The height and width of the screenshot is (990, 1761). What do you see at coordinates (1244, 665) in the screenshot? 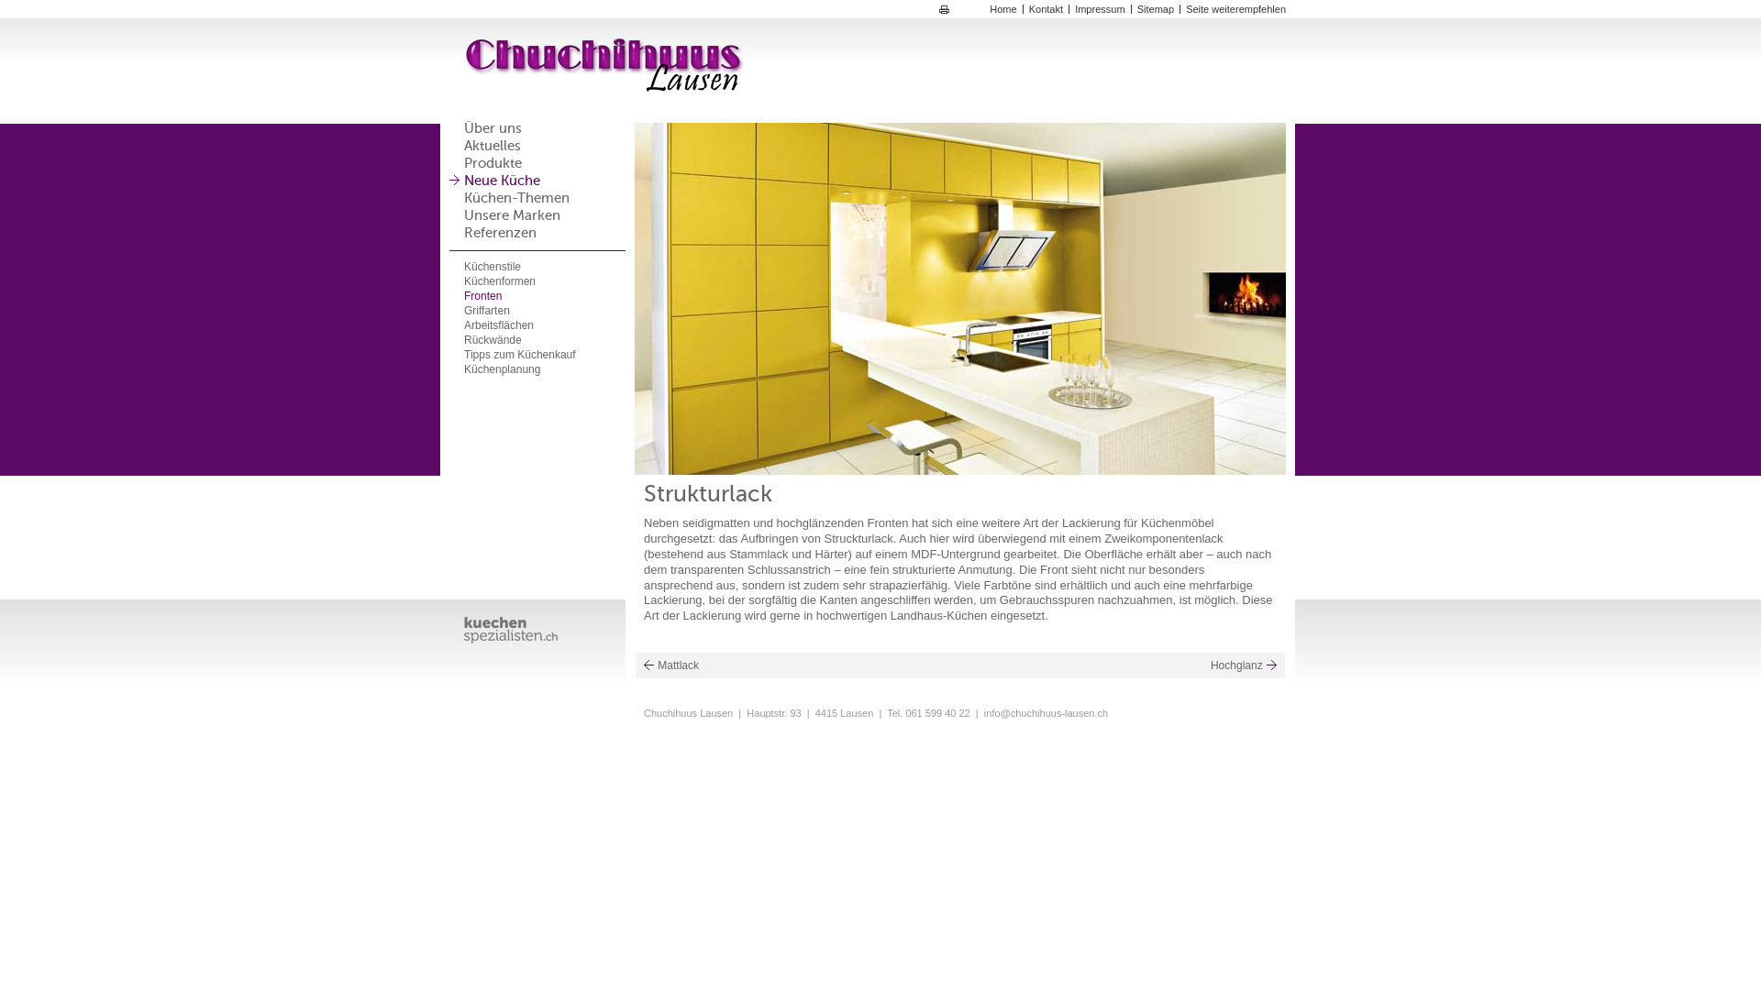
I see `'Hochglanz'` at bounding box center [1244, 665].